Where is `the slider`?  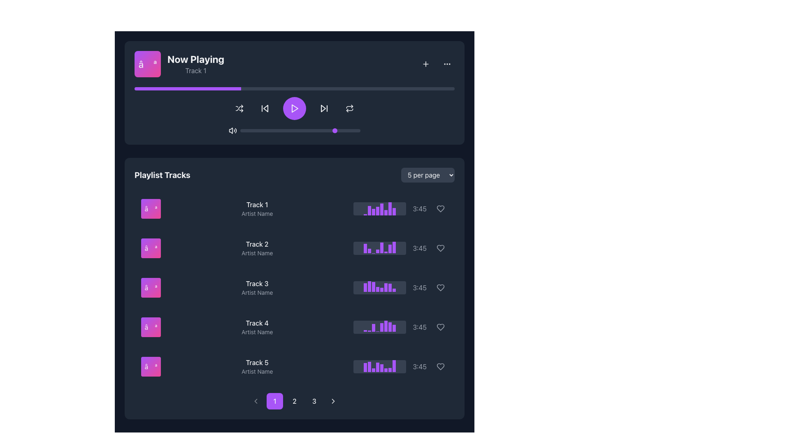
the slider is located at coordinates (358, 130).